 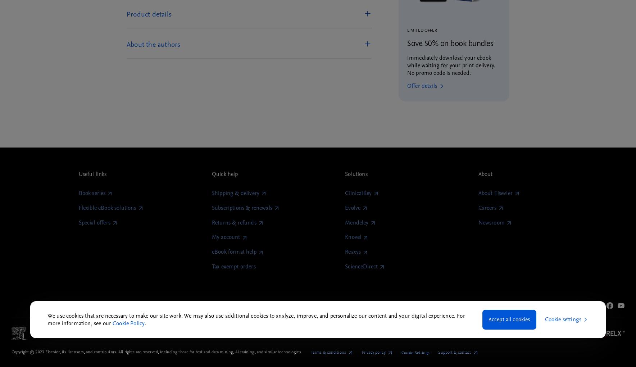 What do you see at coordinates (149, 14) in the screenshot?
I see `'Product details'` at bounding box center [149, 14].